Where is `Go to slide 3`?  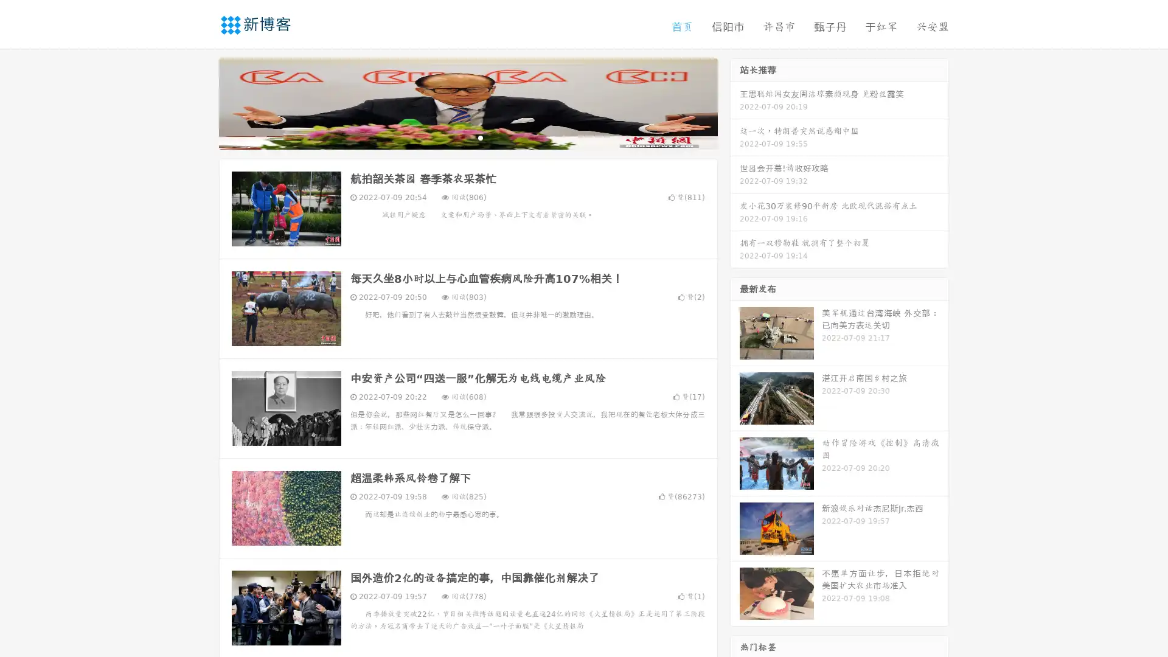 Go to slide 3 is located at coordinates (480, 137).